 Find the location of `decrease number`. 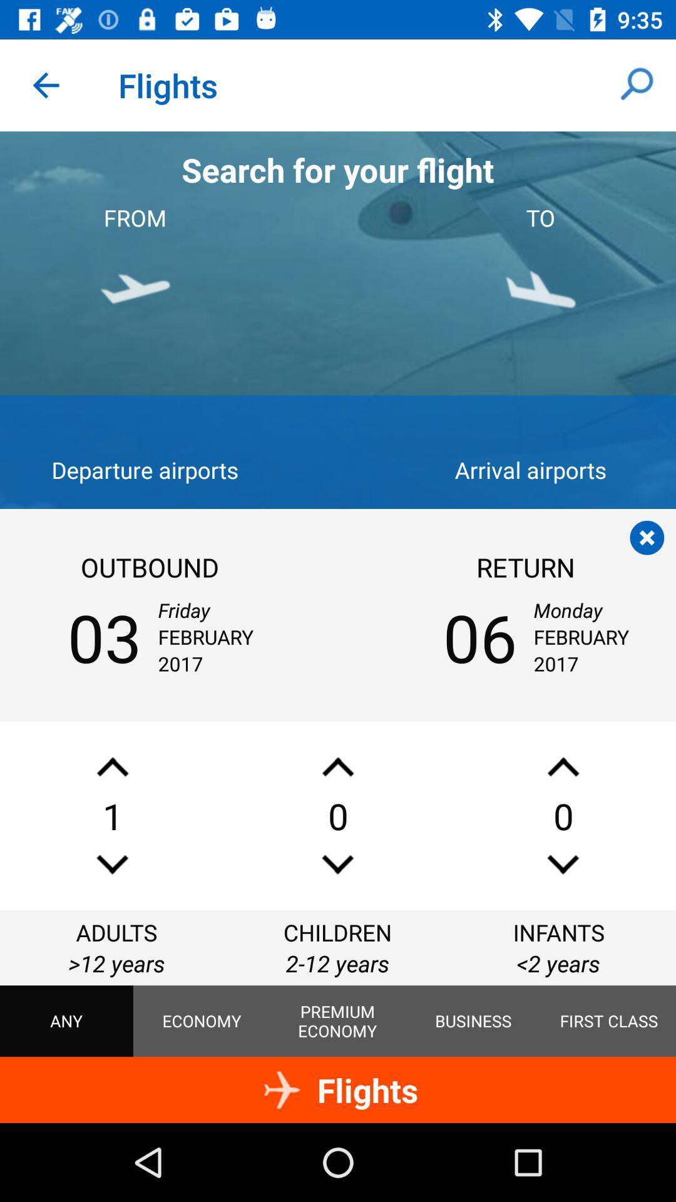

decrease number is located at coordinates (562, 864).